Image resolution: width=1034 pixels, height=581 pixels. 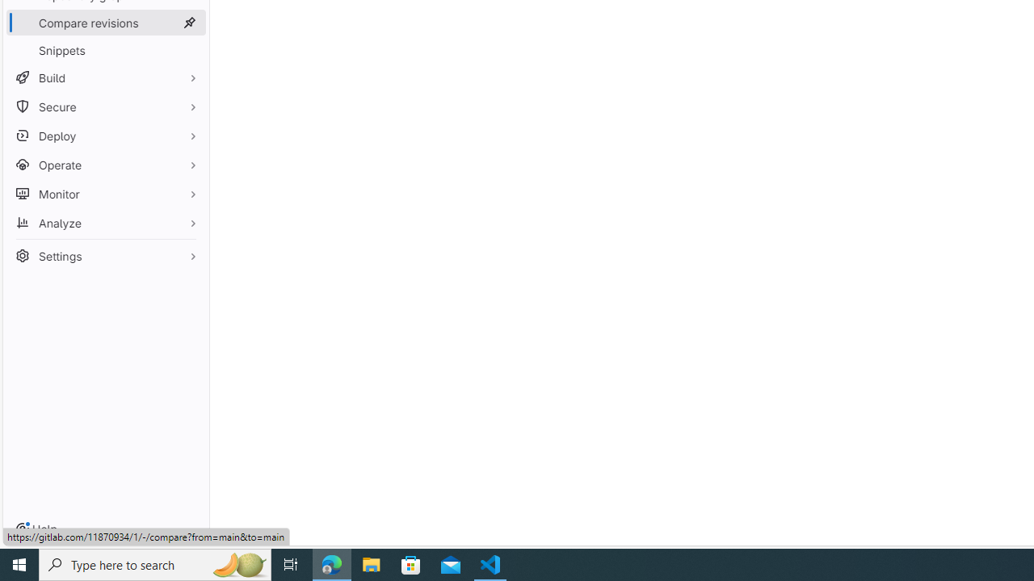 I want to click on 'Pin Compare revisions', so click(x=189, y=23).